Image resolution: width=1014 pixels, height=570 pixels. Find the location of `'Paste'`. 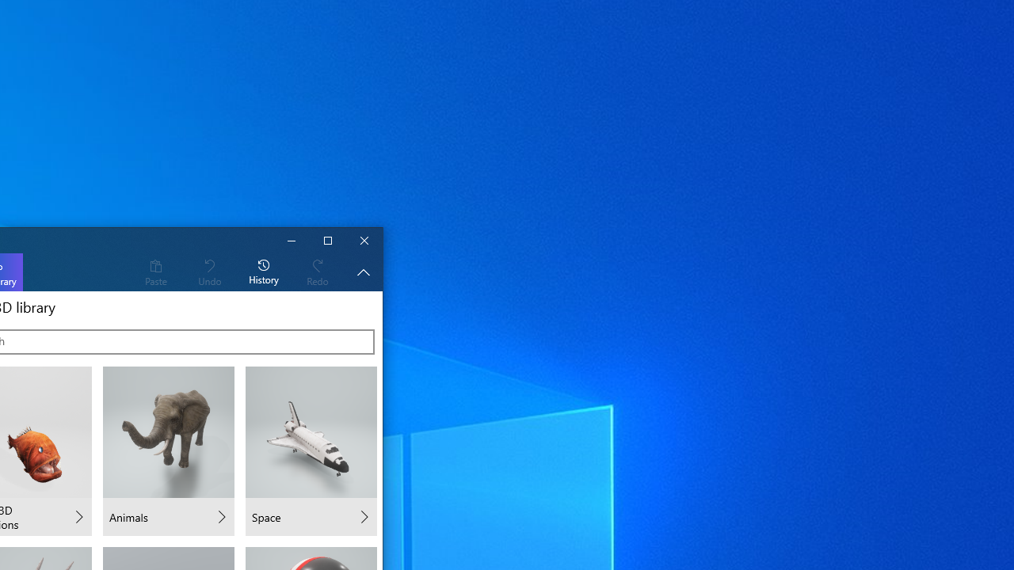

'Paste' is located at coordinates (155, 271).